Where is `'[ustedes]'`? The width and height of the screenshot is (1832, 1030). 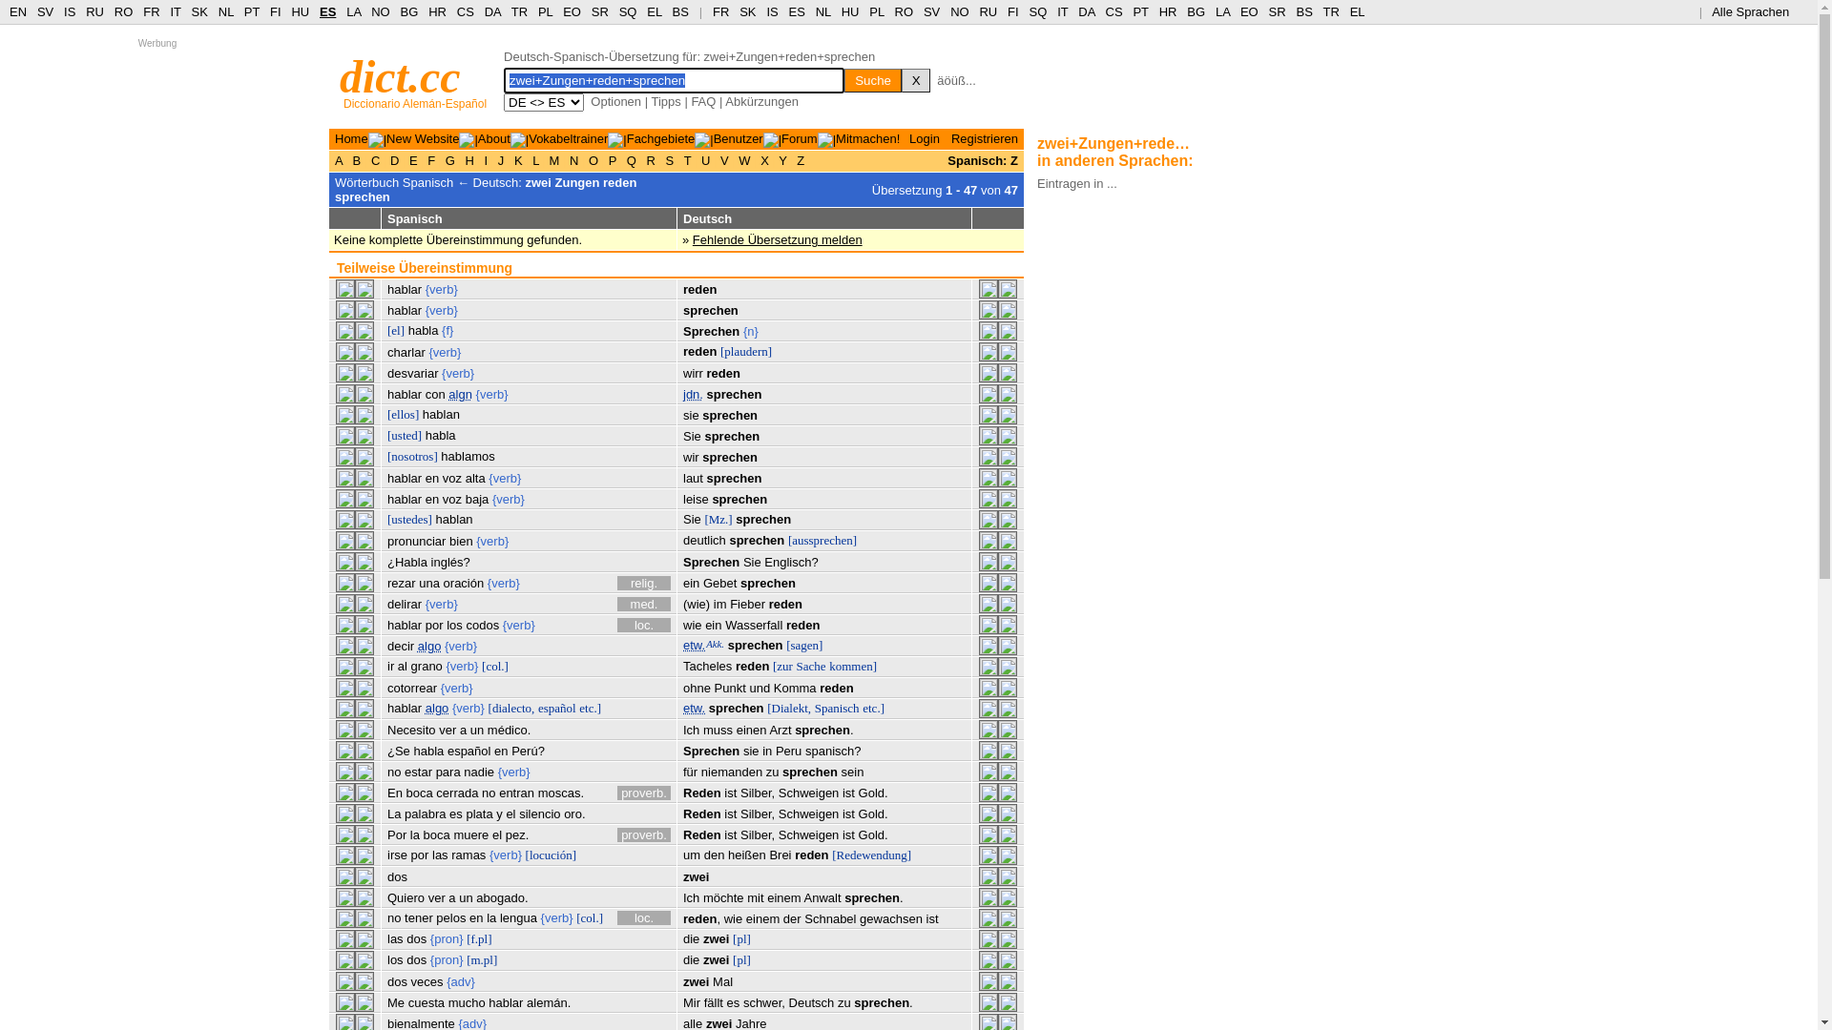
'[ustedes]' is located at coordinates (408, 519).